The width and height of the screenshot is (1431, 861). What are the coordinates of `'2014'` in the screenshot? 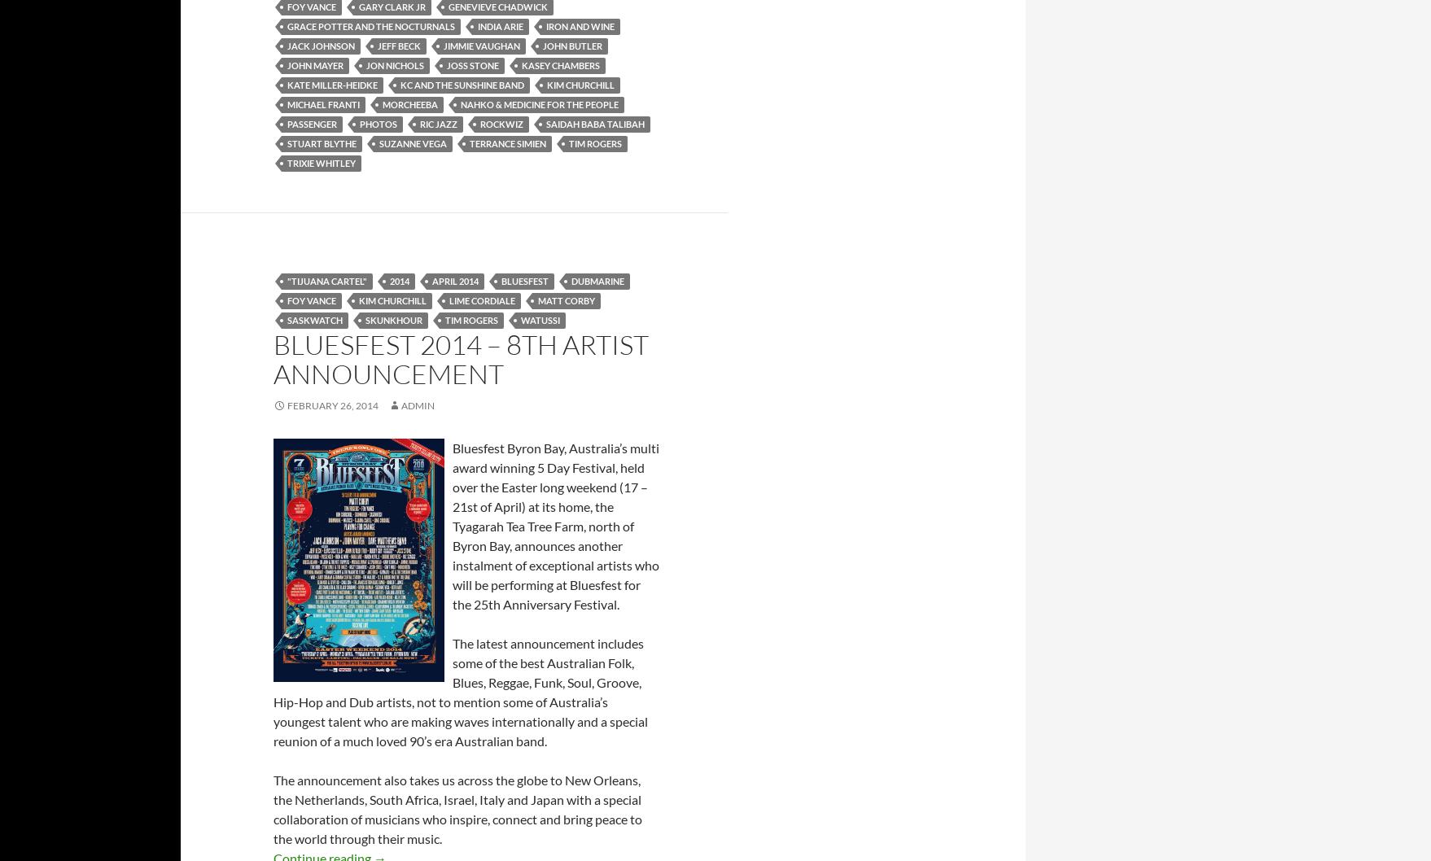 It's located at (399, 279).